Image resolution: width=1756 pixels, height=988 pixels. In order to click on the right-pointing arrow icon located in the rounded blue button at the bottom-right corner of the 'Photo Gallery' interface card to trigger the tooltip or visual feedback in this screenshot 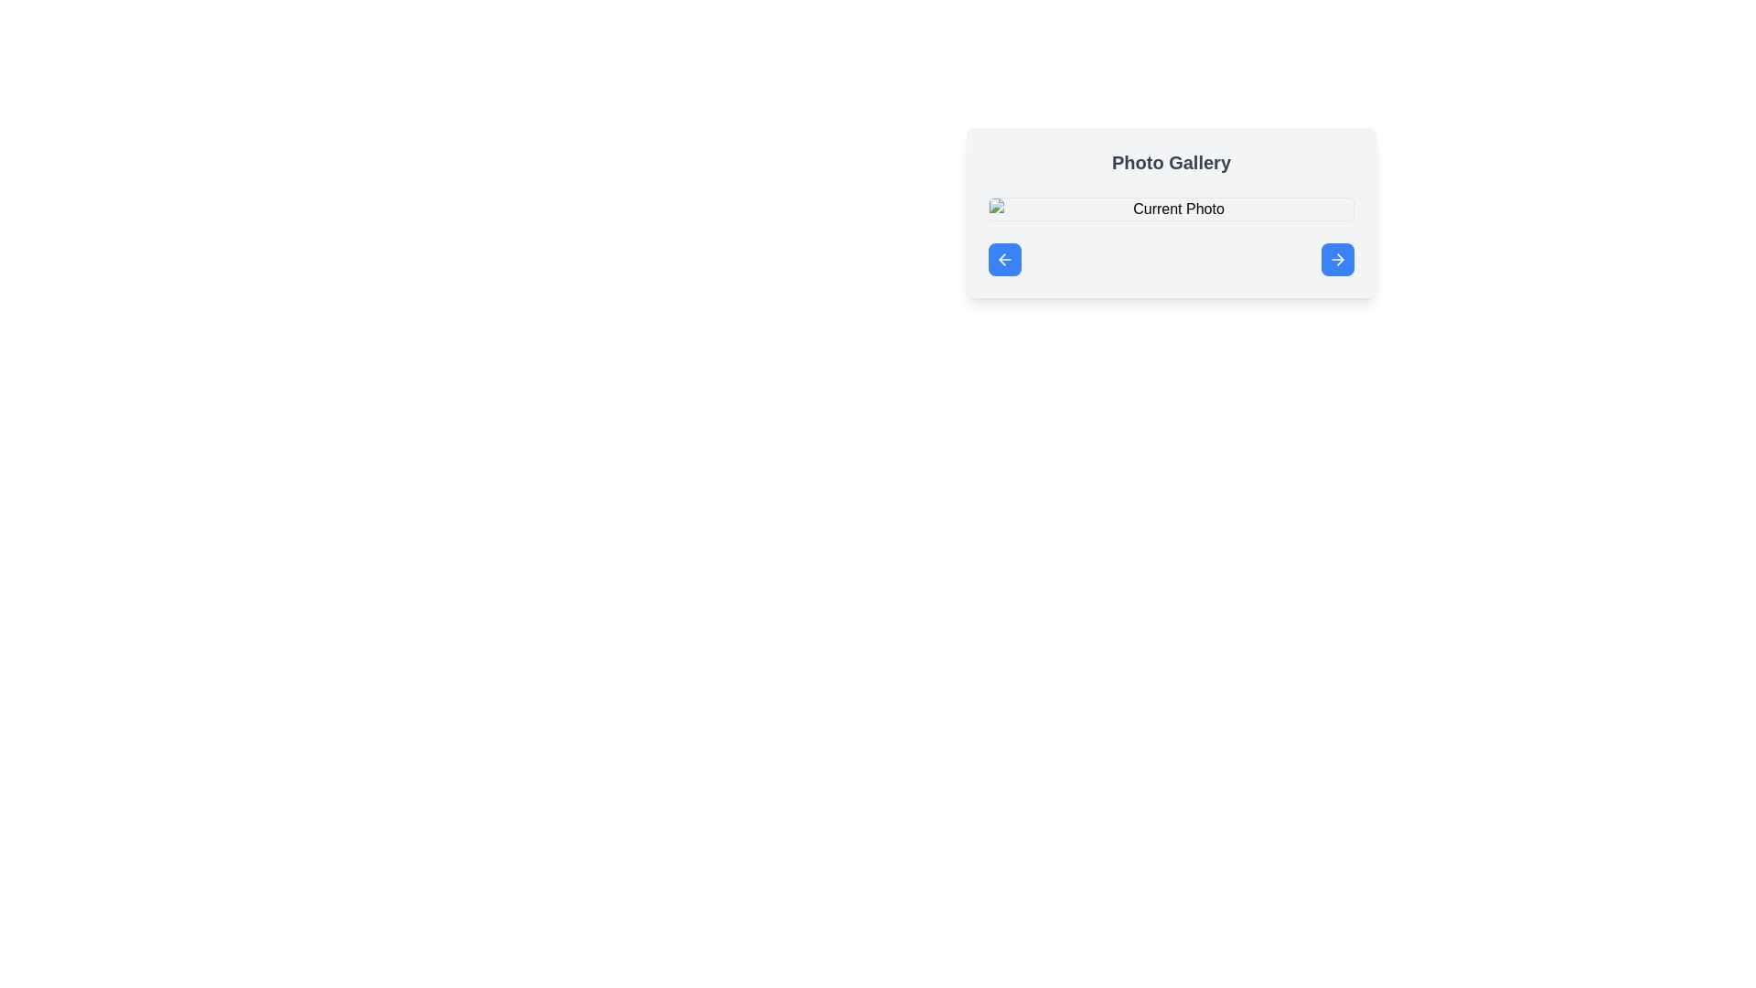, I will do `click(1338, 260)`.